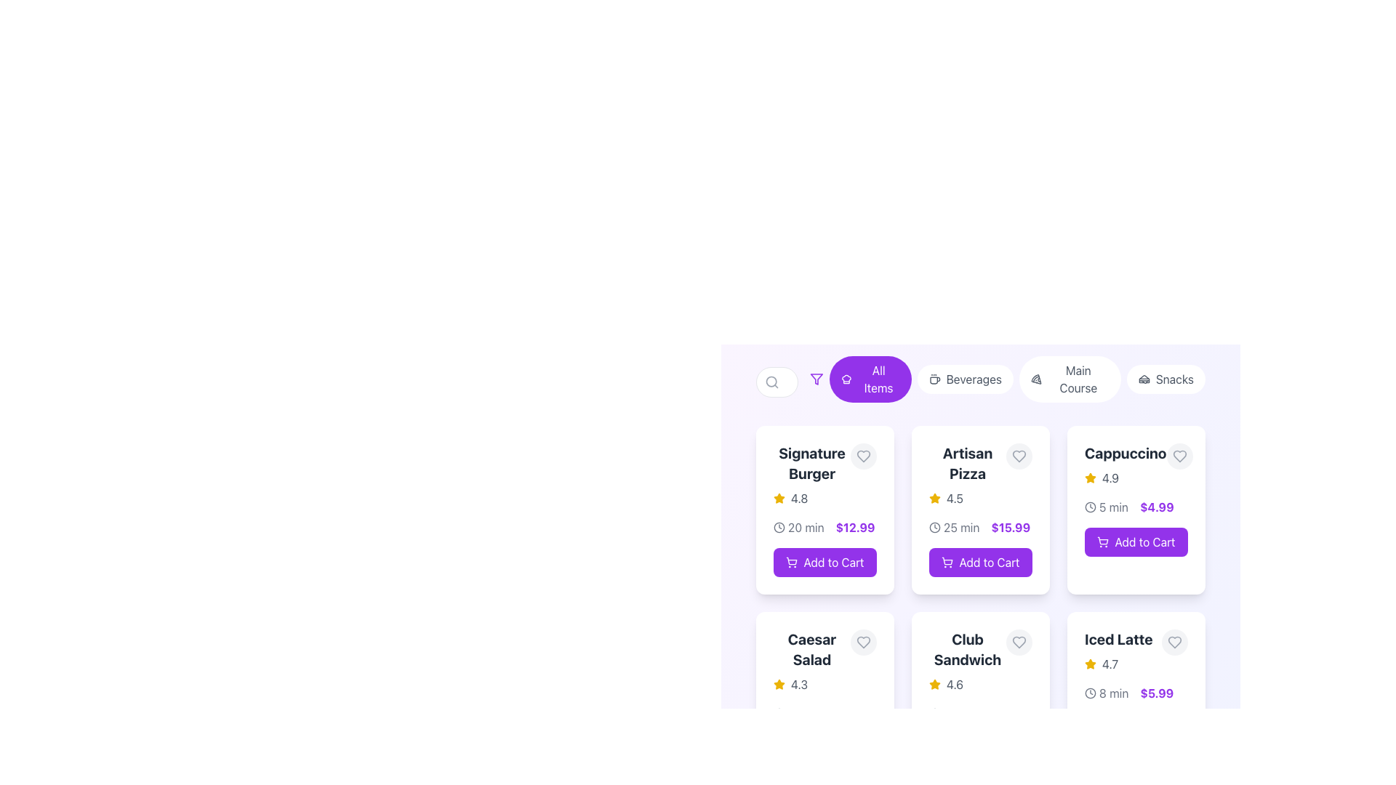  I want to click on the clock icon located in the top-left portion of the 'Signature Burger' card, which features a circular outline and clock hands, positioned next to the text '20 min', so click(778, 527).